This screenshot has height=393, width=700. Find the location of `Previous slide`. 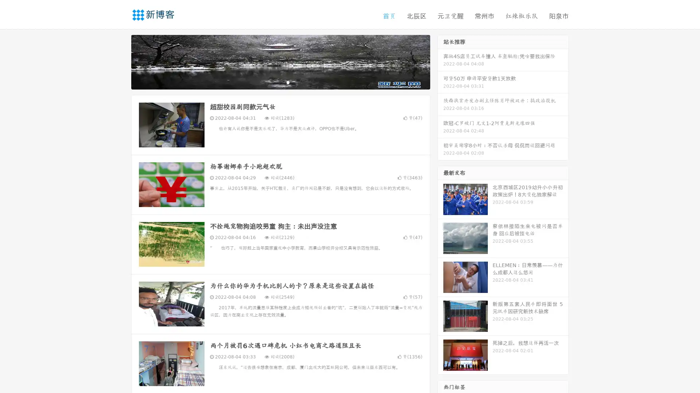

Previous slide is located at coordinates (120, 61).